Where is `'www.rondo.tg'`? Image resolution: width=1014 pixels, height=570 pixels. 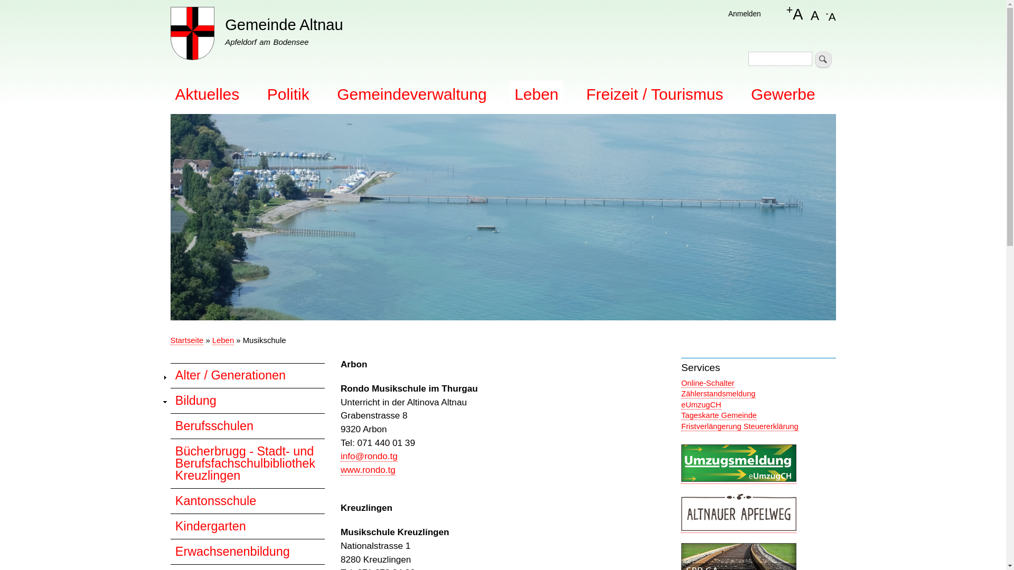 'www.rondo.tg' is located at coordinates (368, 469).